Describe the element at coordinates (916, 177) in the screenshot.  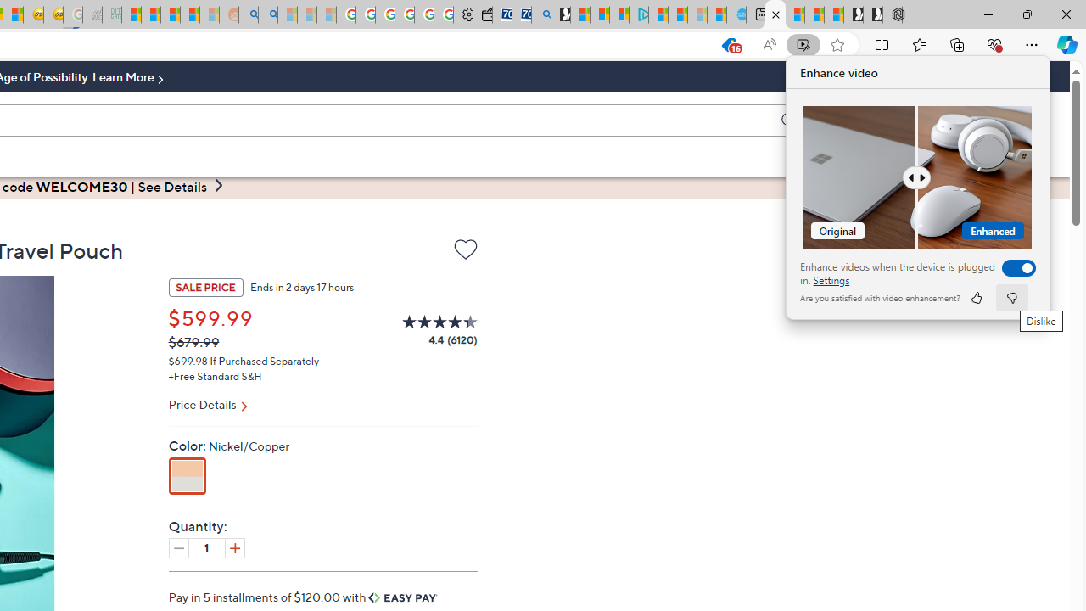
I see `'Comparision'` at that location.